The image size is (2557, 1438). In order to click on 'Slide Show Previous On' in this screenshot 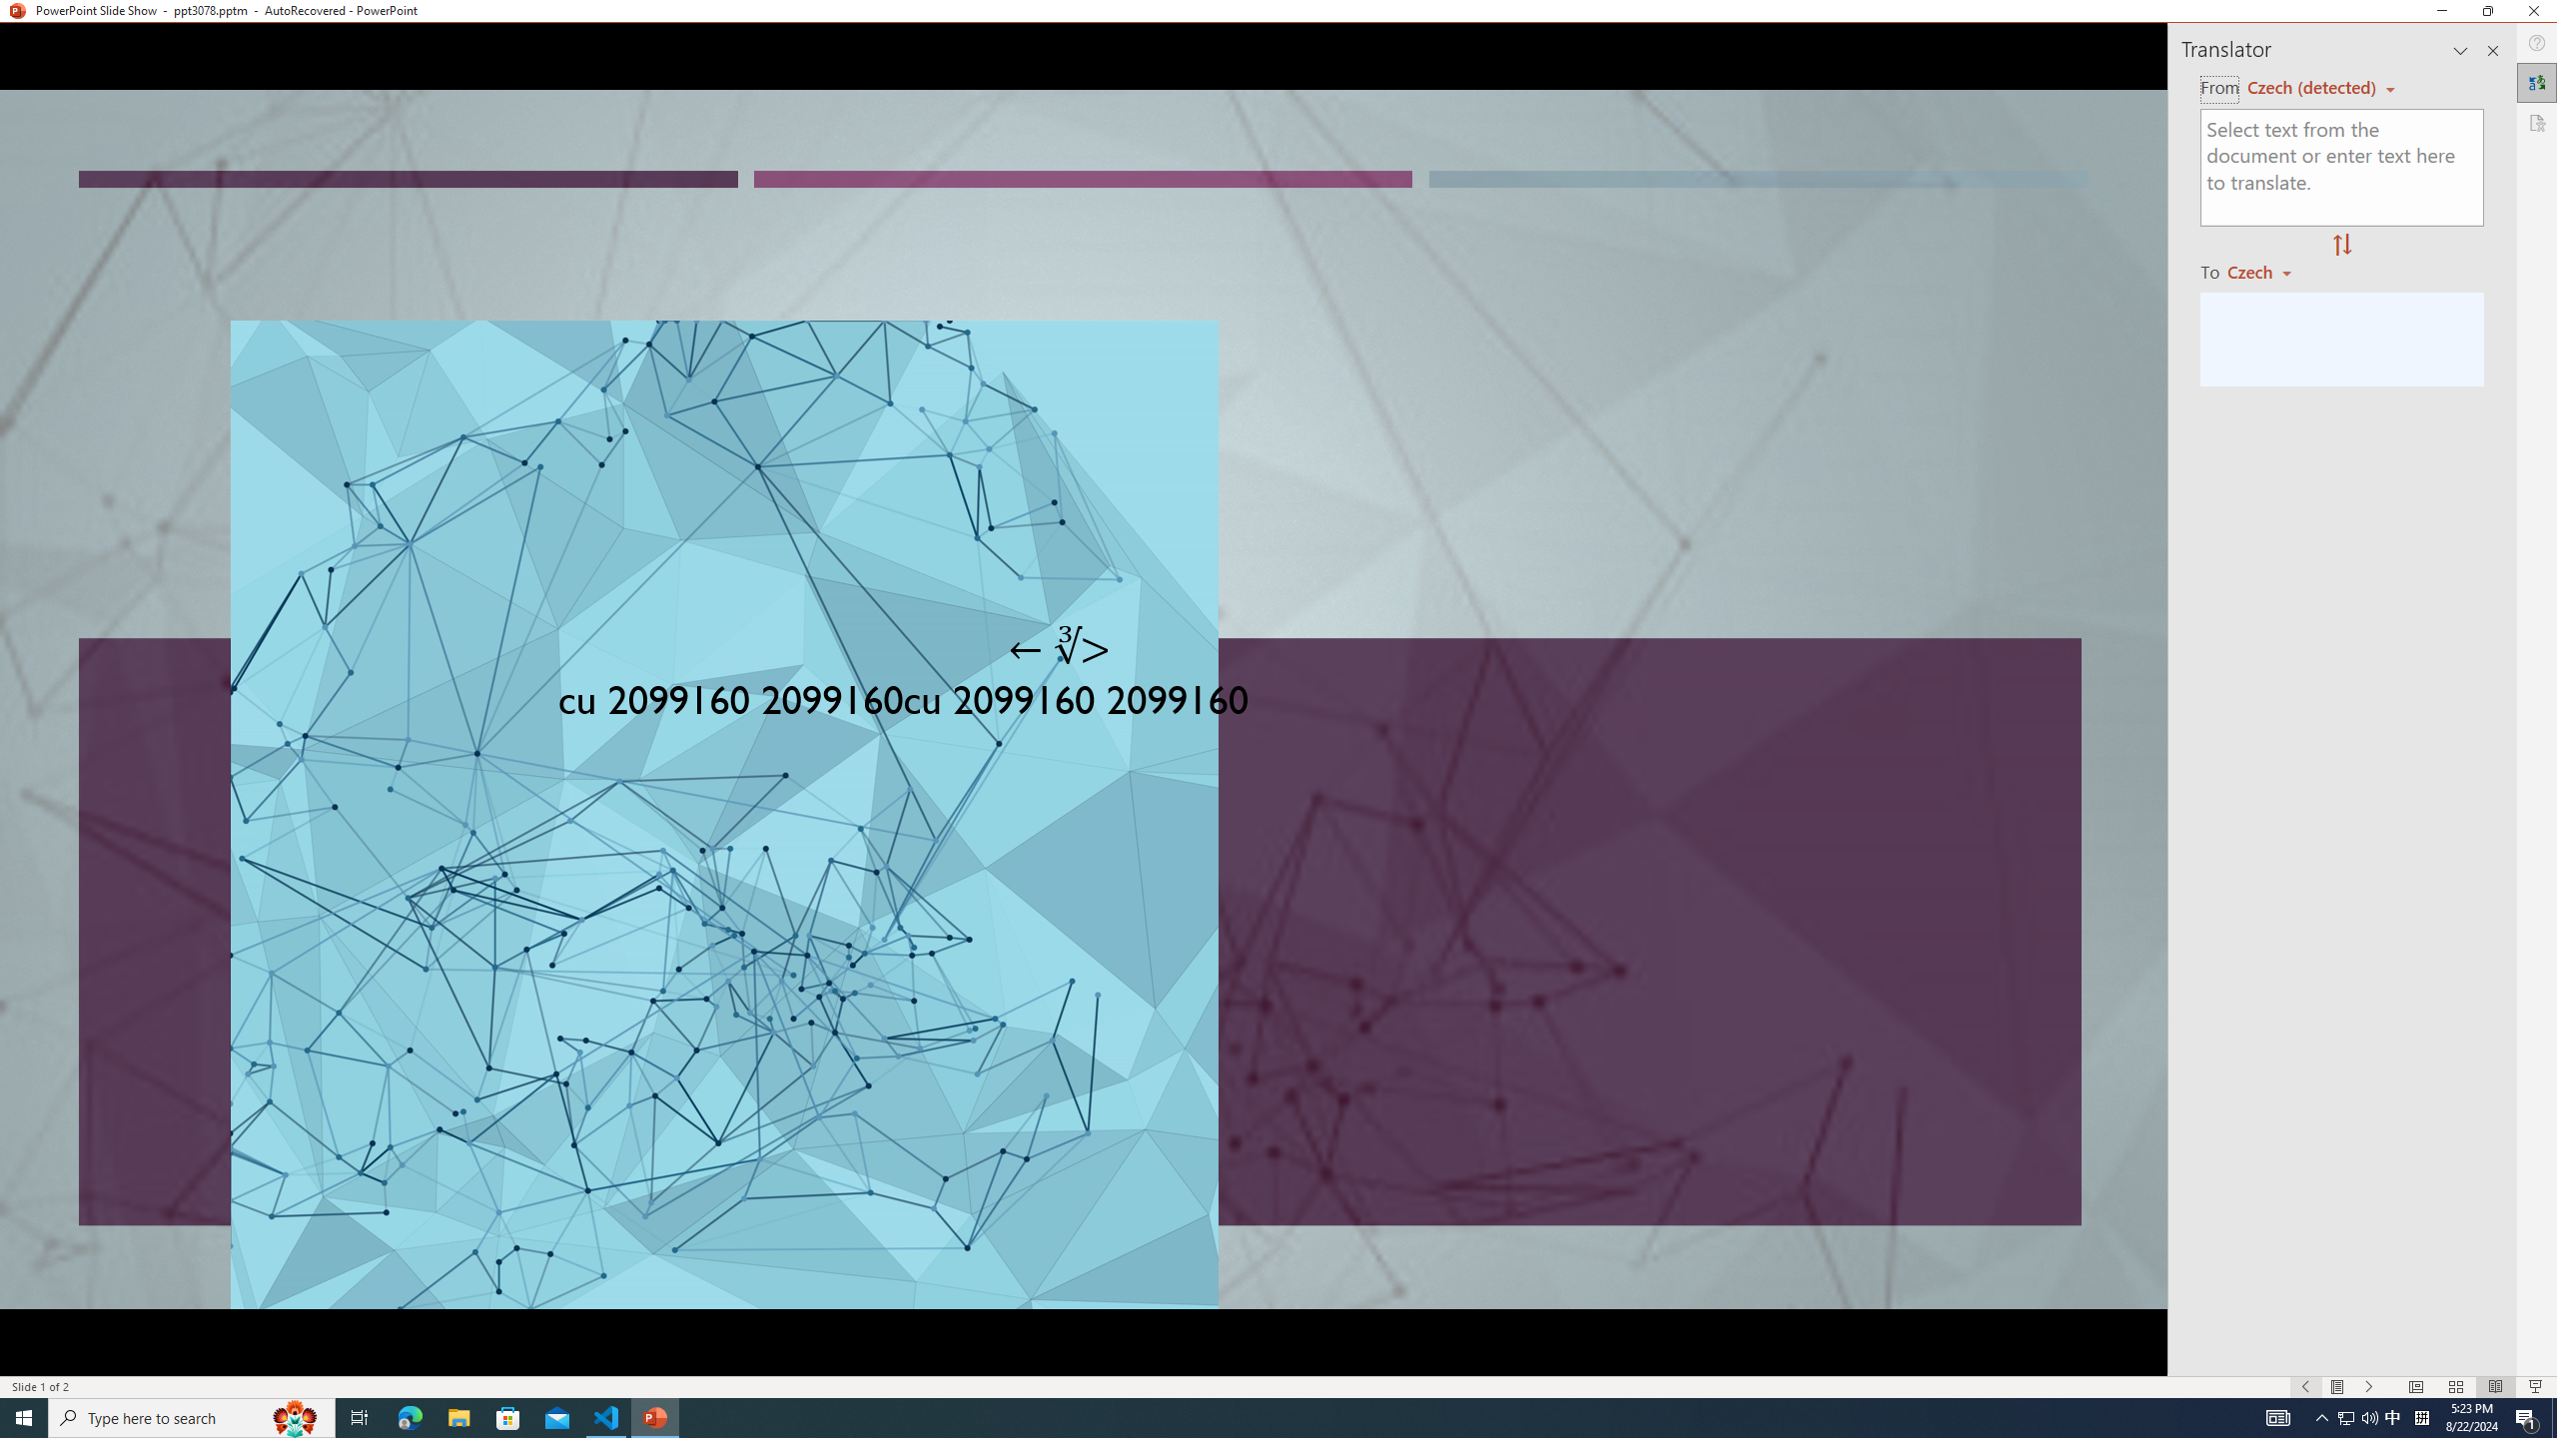, I will do `click(2305, 1387)`.